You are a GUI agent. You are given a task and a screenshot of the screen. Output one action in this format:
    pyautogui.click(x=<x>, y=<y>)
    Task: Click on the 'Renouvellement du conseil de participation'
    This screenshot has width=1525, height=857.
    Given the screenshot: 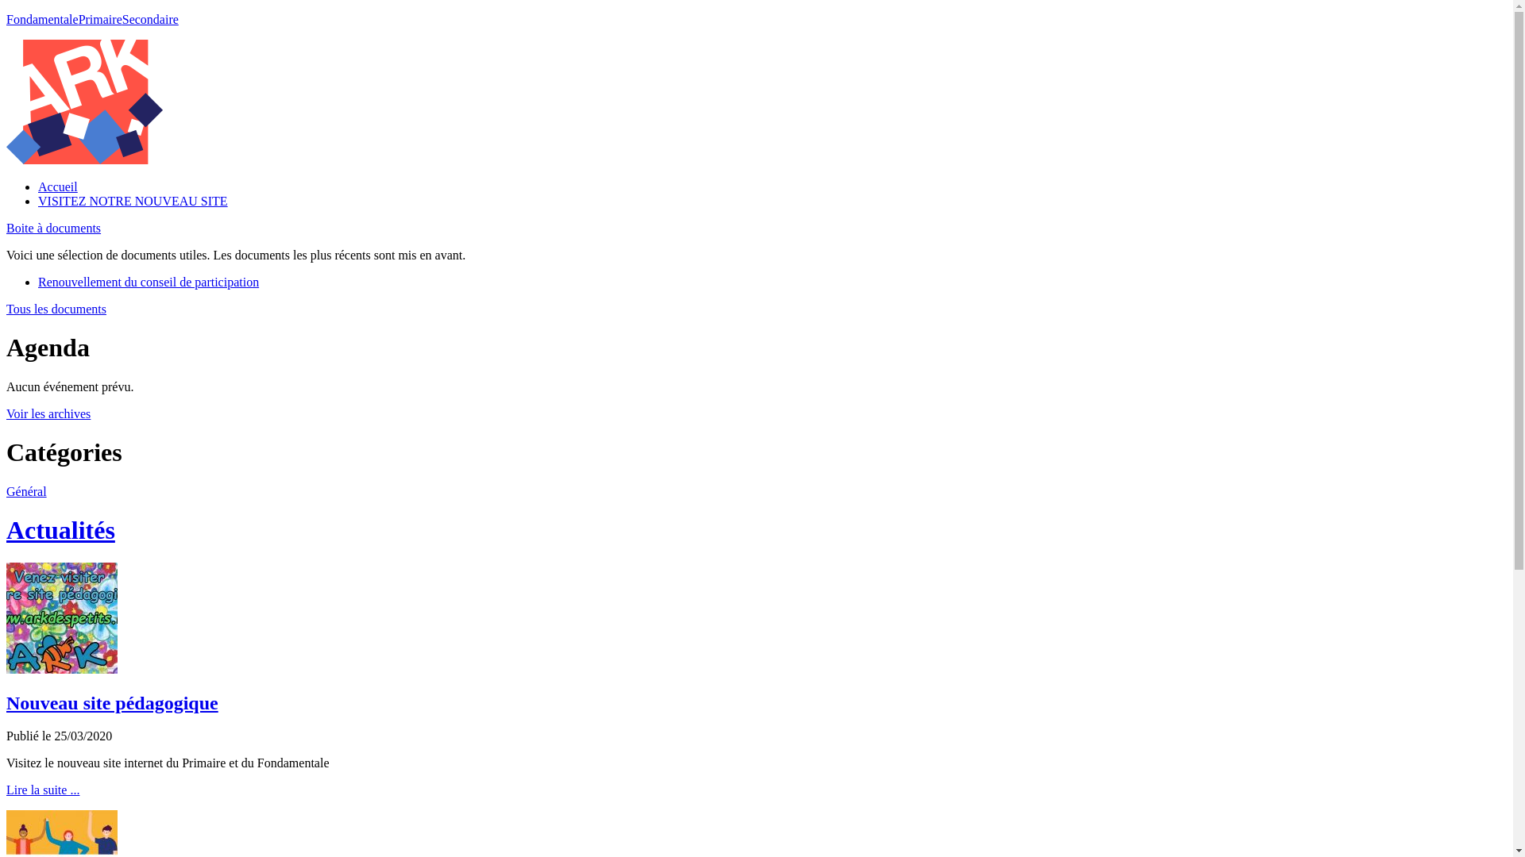 What is the action you would take?
    pyautogui.click(x=149, y=281)
    